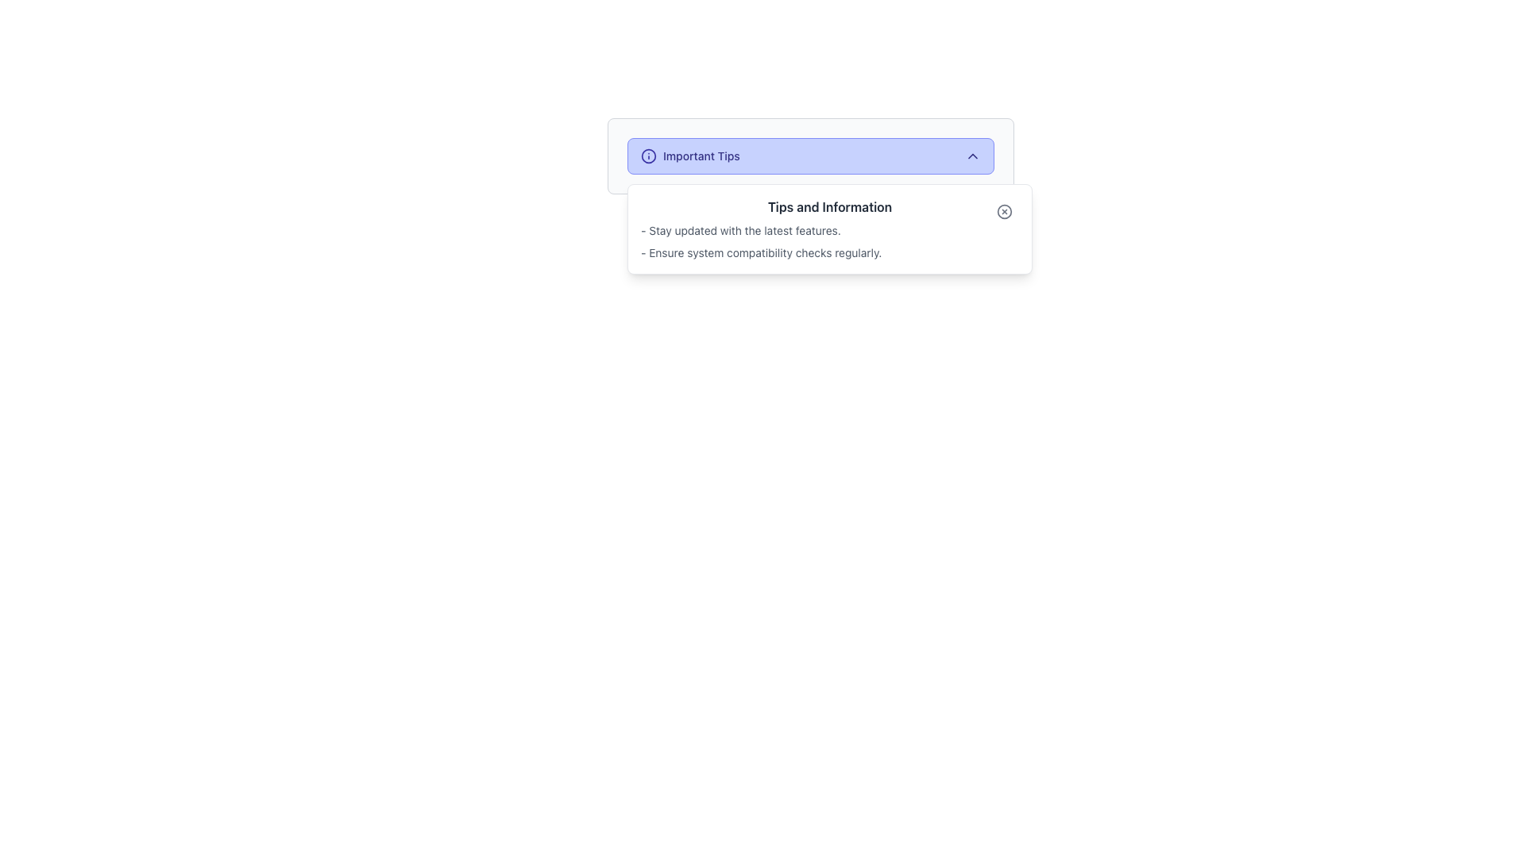  What do you see at coordinates (760, 252) in the screenshot?
I see `guidance text located within the 'Tips and Information' card, positioned below another list item in a bulleted list` at bounding box center [760, 252].